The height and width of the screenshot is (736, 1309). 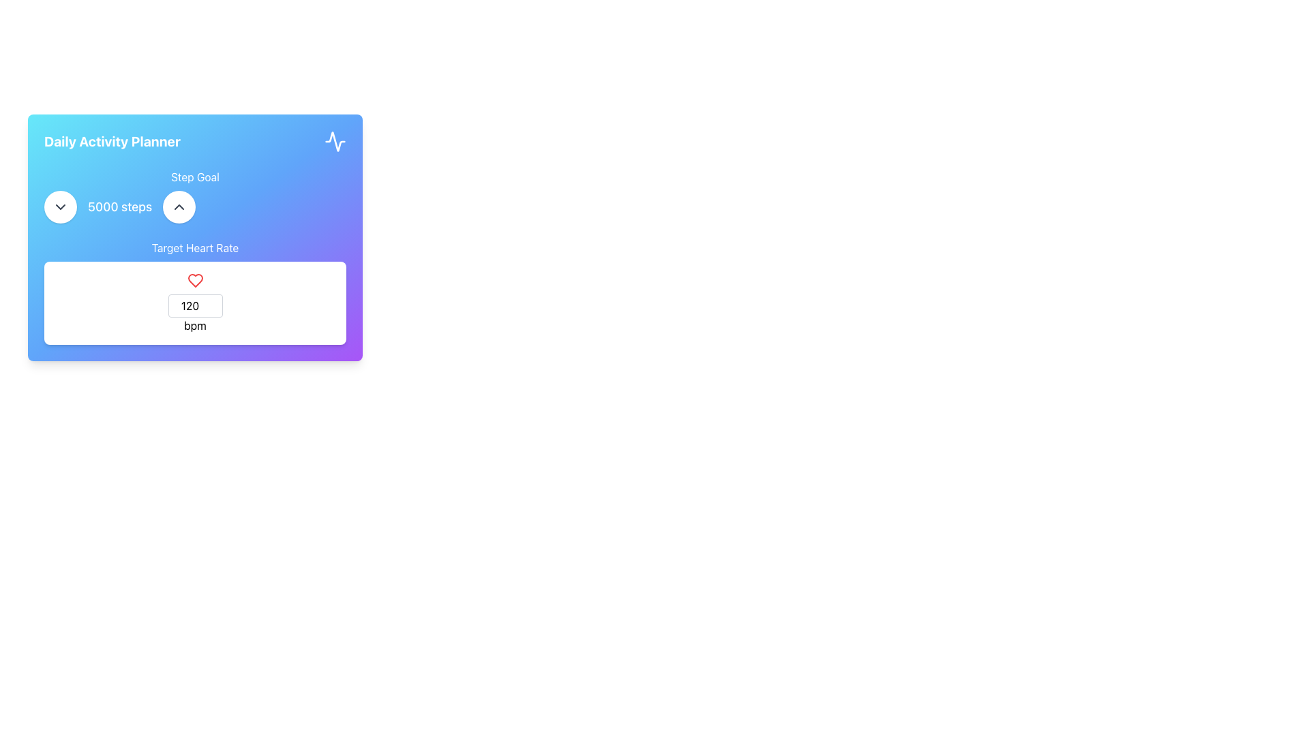 What do you see at coordinates (60, 207) in the screenshot?
I see `the button located in the top-left segment of the 'Daily Activity Planner' card to decrease the step goal value, which is positioned to the left of the '5000 steps' text` at bounding box center [60, 207].